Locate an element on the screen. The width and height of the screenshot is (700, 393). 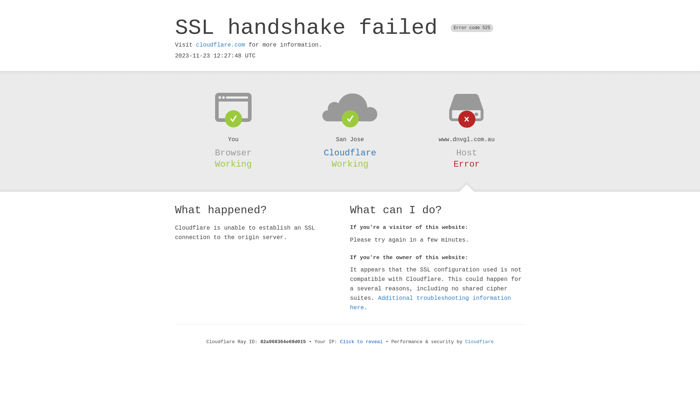
'Cloudflare' is located at coordinates (479, 342).